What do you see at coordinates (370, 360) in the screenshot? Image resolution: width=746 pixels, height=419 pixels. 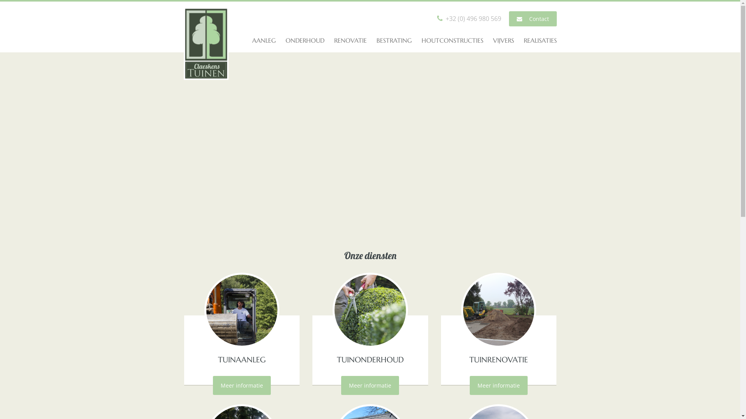 I see `'TUINONDERHOUD'` at bounding box center [370, 360].